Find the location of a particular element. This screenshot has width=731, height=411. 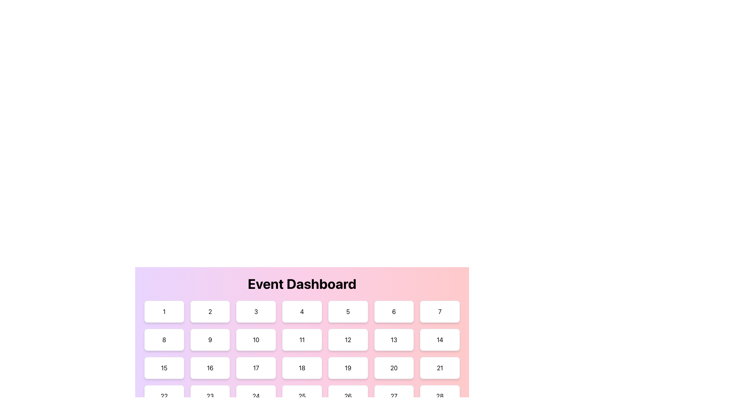

the selection button representing the number '14' located in the second row and seventh column of the grid below the 'Event Dashboard' title is located at coordinates (440, 339).